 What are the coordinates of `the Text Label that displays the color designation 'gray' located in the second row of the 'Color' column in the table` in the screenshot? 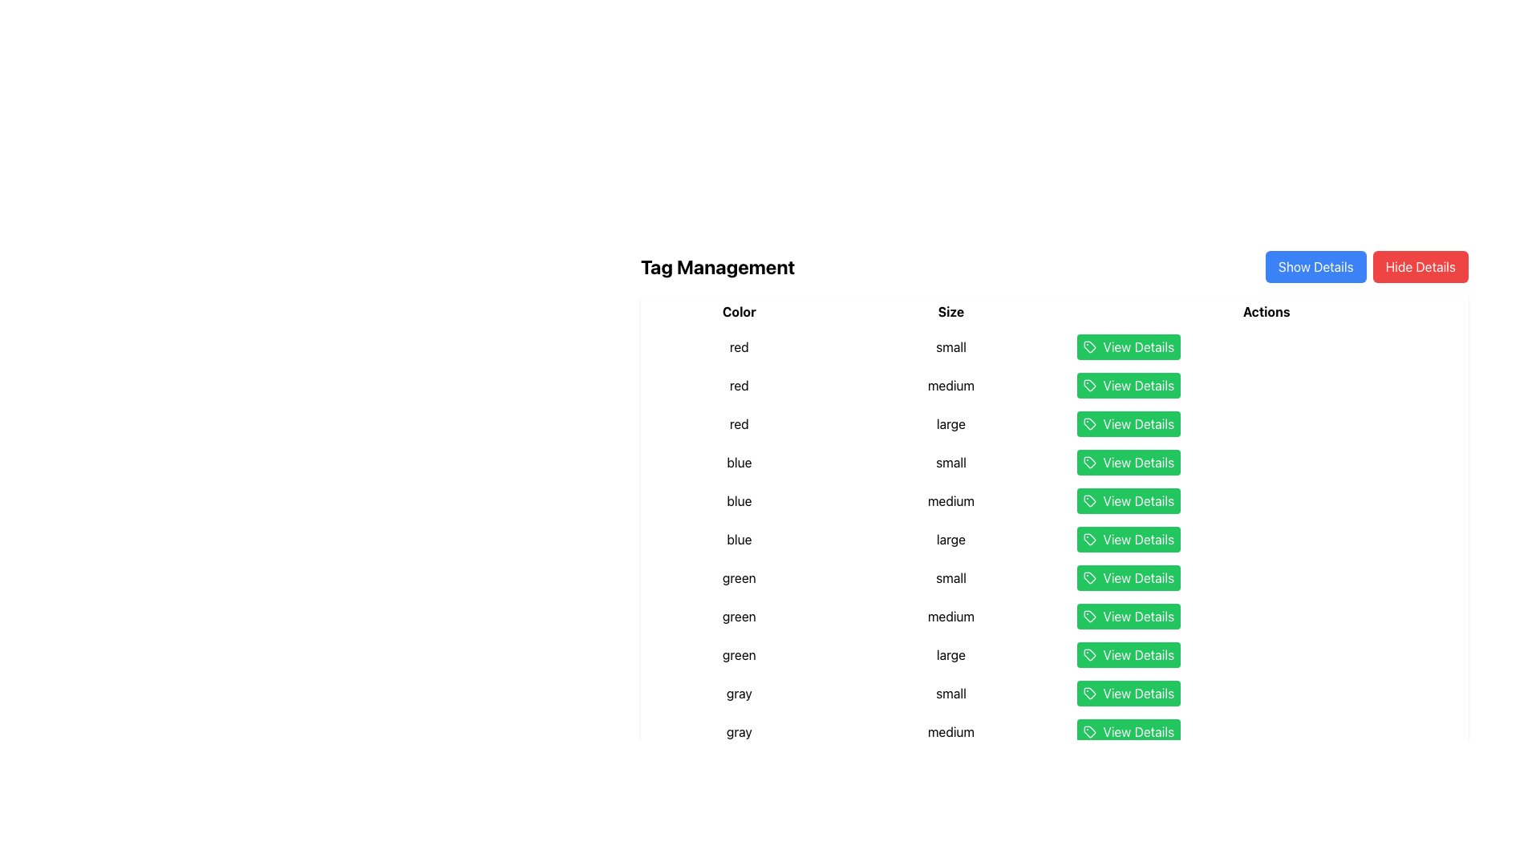 It's located at (738, 732).